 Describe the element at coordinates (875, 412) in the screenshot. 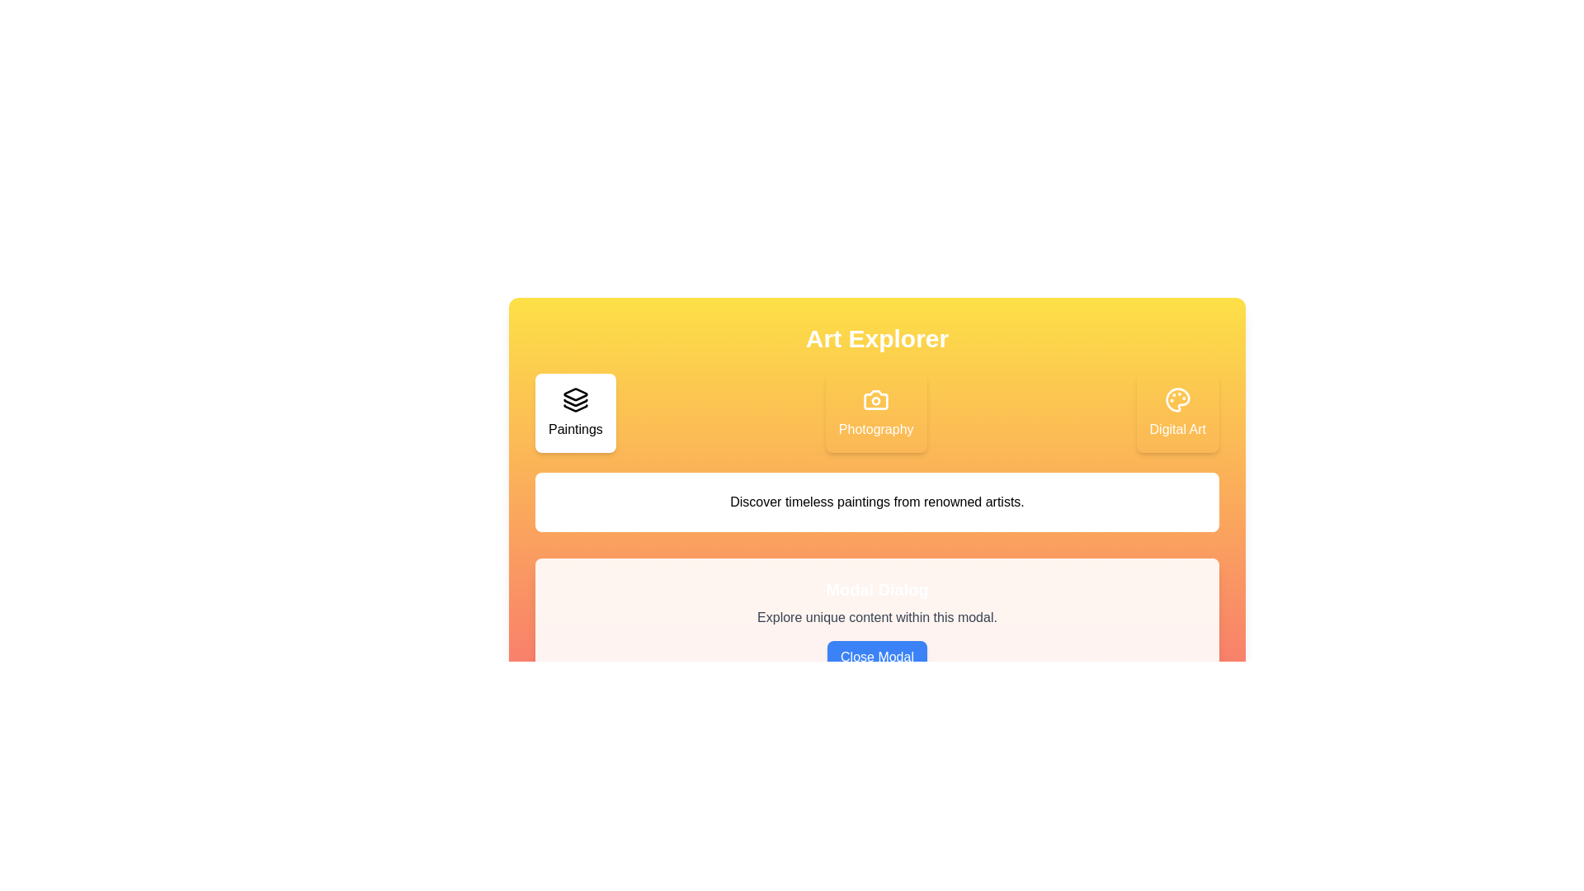

I see `the Photography tab to view its content` at that location.